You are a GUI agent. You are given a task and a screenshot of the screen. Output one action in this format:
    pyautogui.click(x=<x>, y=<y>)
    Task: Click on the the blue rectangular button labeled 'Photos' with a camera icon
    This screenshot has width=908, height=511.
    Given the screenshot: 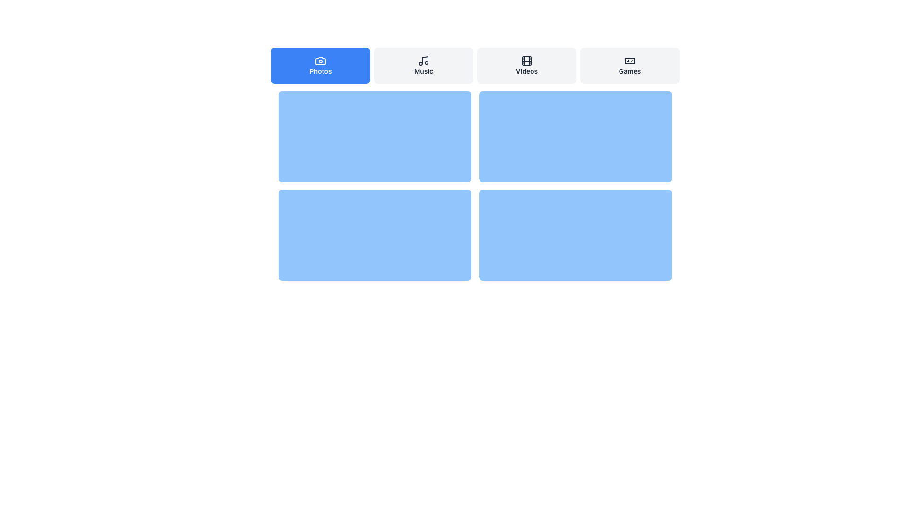 What is the action you would take?
    pyautogui.click(x=320, y=65)
    